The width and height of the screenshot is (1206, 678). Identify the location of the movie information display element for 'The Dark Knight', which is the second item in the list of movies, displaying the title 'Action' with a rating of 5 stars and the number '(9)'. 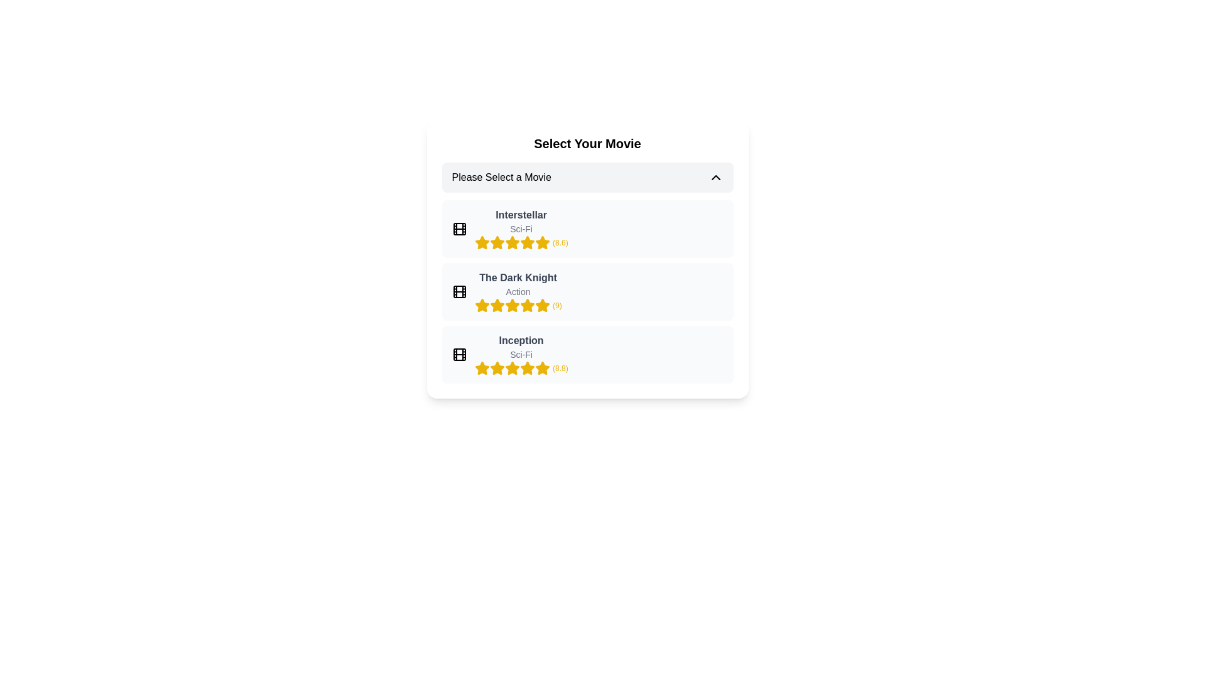
(518, 292).